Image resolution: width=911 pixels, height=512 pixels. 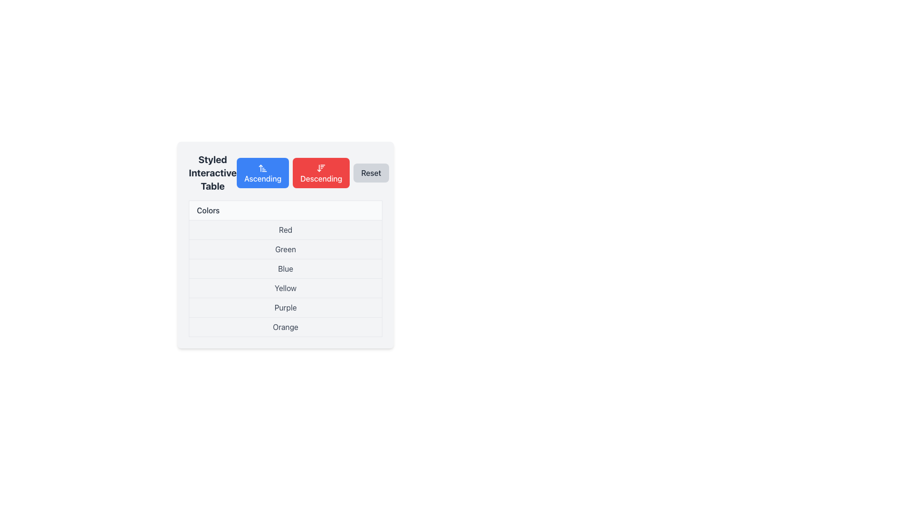 What do you see at coordinates (212, 173) in the screenshot?
I see `text from the Text Label that serves as the title for the interactive table section, which is aligned to the leftmost side and precedes the interactive controls` at bounding box center [212, 173].